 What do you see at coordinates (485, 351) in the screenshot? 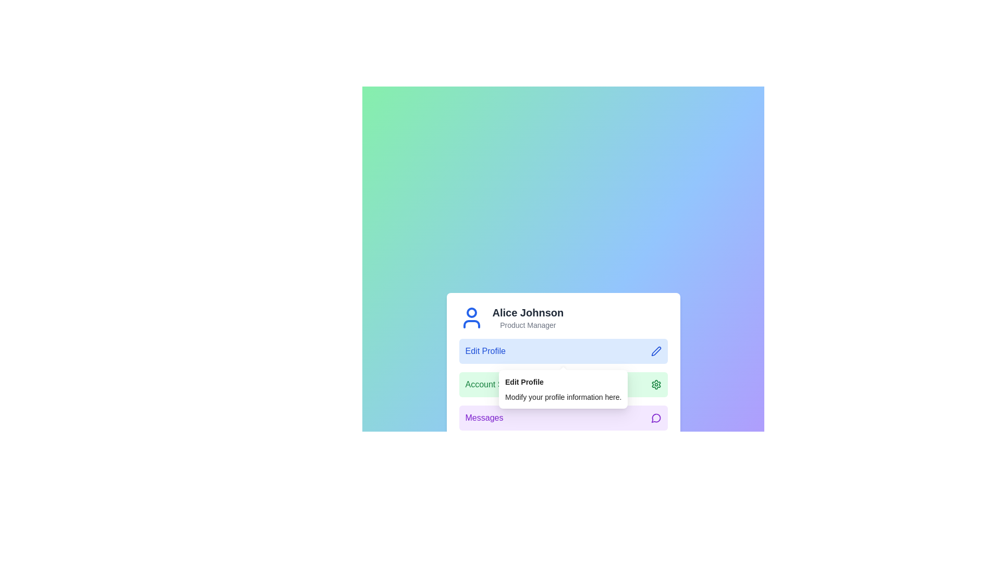
I see `the Text label indicating the option to edit the user's profile, which is positioned below the username 'Alice Johnson' in the user profile card` at bounding box center [485, 351].